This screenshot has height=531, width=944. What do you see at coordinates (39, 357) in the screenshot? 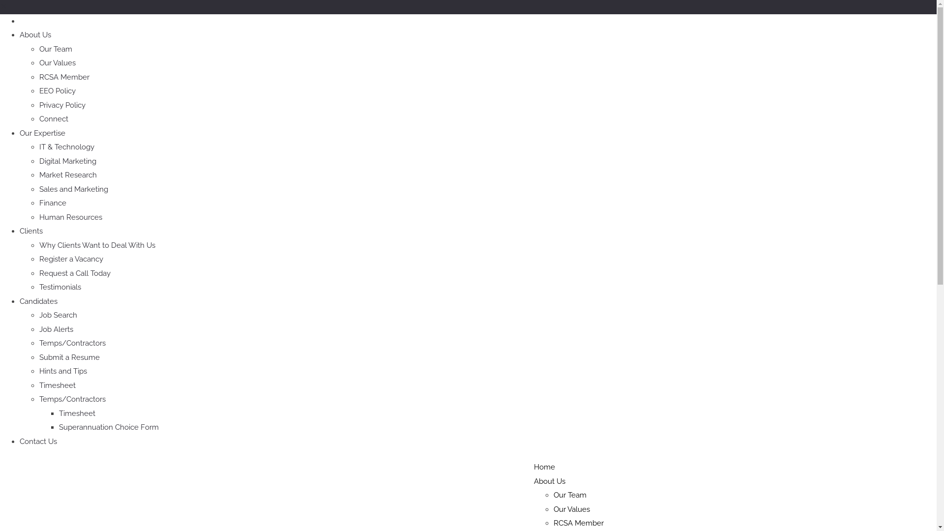
I see `'Submit a Resume'` at bounding box center [39, 357].